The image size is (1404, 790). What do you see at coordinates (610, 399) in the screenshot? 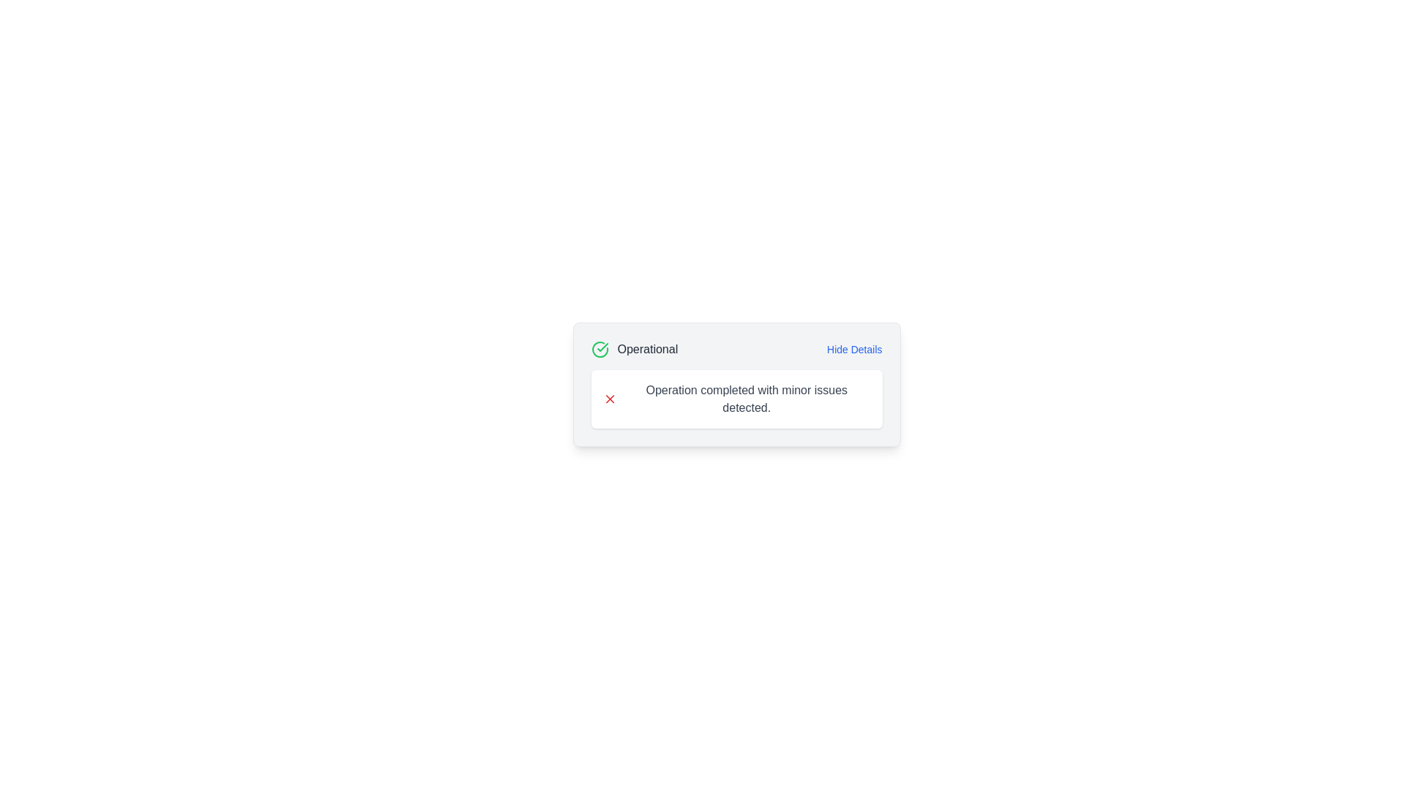
I see `the Icon button located in the lower portion of the 'Operational' notification box, just before the text 'Operation completed with minor issues detected.'` at bounding box center [610, 399].